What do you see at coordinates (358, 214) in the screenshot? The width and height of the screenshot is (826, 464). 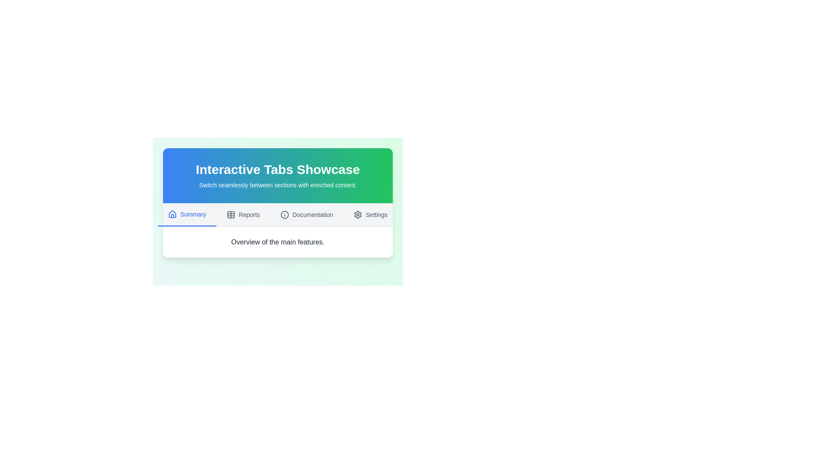 I see `the gear icon representing the settings functionality located in the 'Settings' tab of the interface` at bounding box center [358, 214].